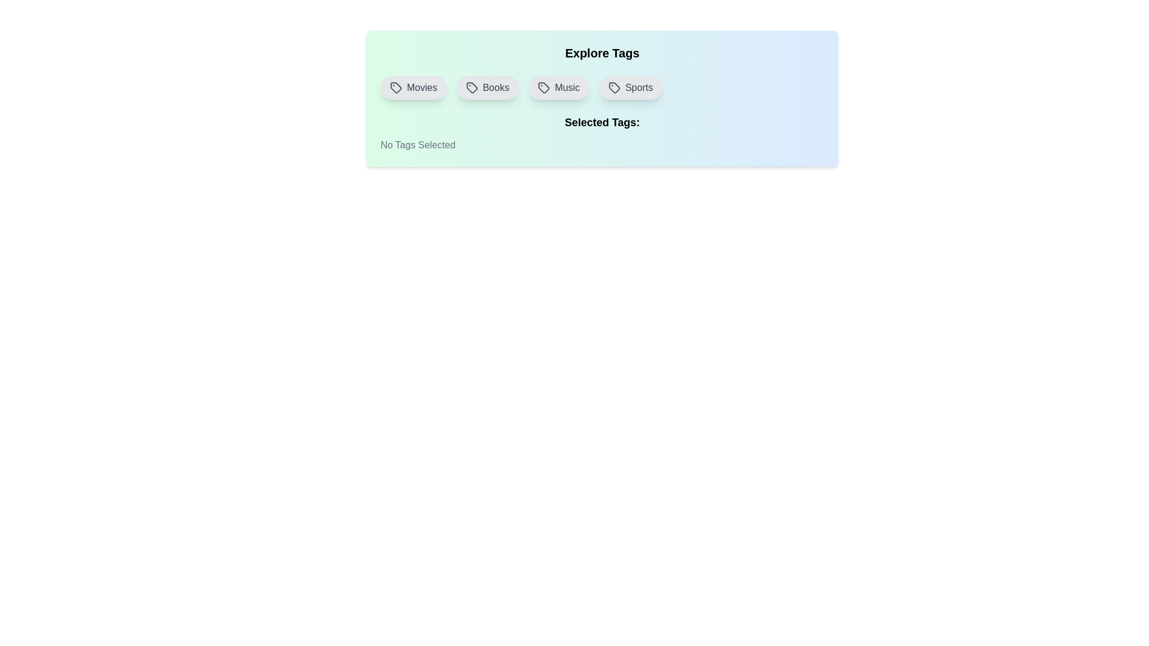 Image resolution: width=1149 pixels, height=646 pixels. Describe the element at coordinates (630, 87) in the screenshot. I see `the button that has a rounded rectangular shape with a light gray background, containing a dark gray tag icon and the text 'Sports'` at that location.